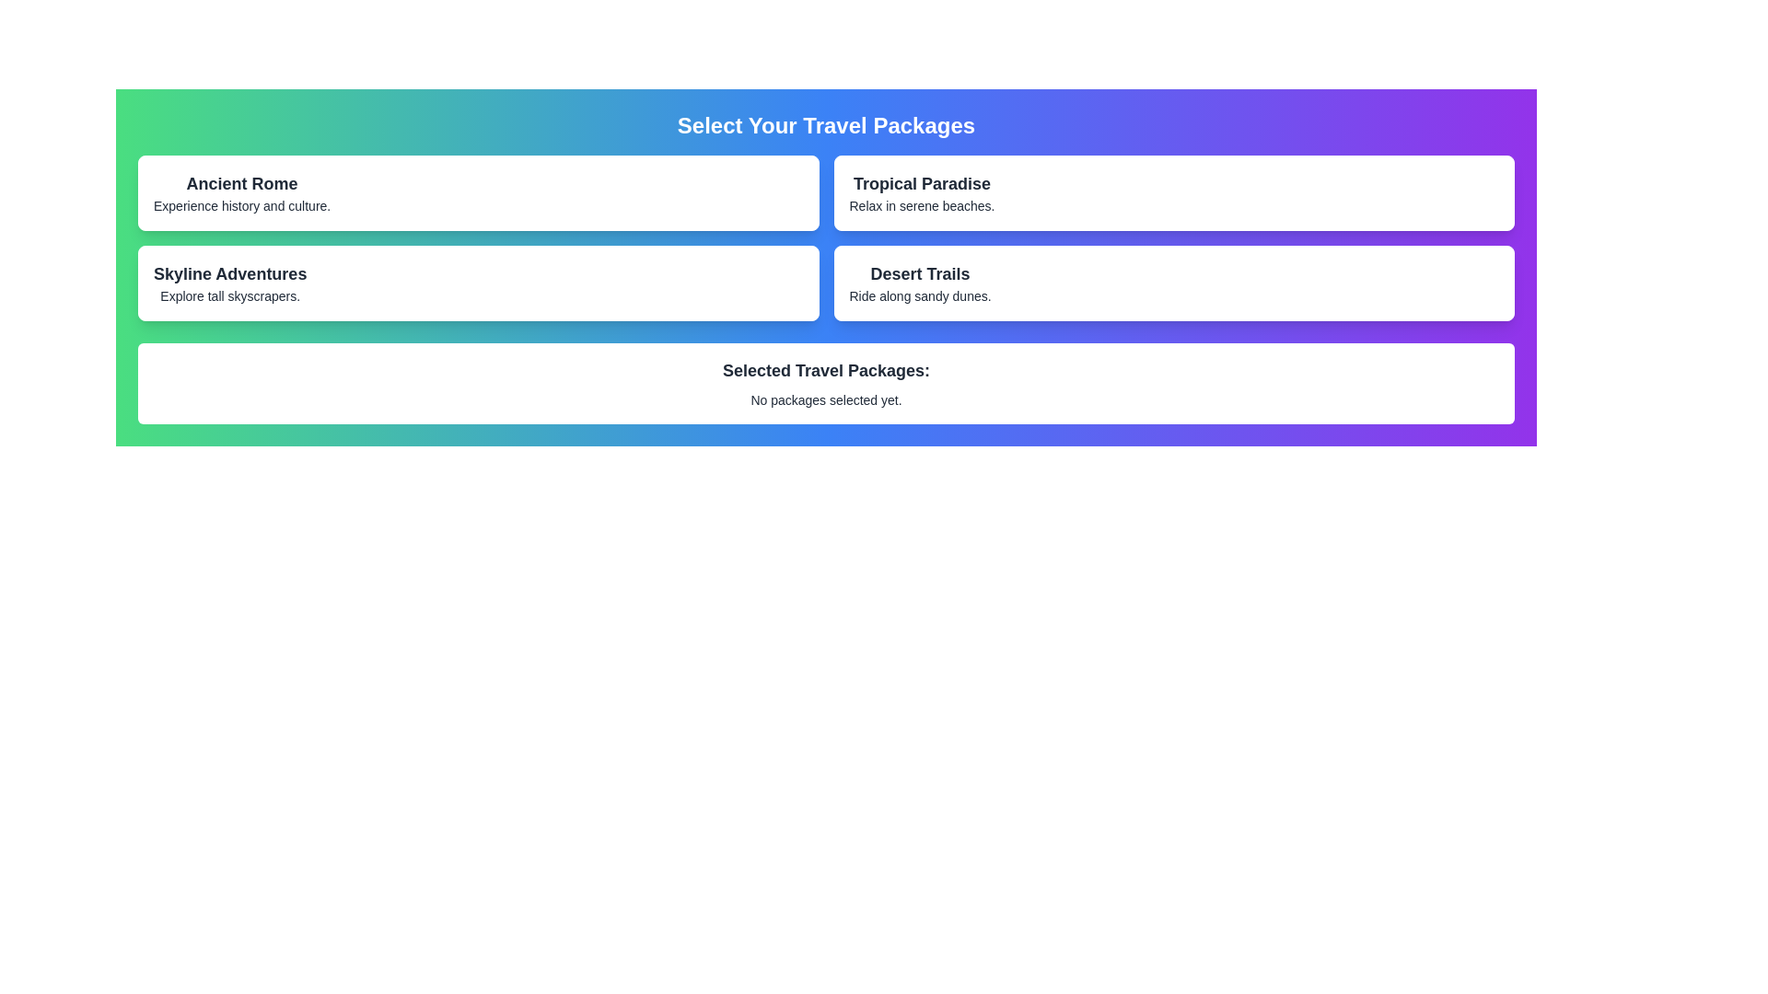 The height and width of the screenshot is (994, 1768). Describe the element at coordinates (920, 295) in the screenshot. I see `the descriptive tagline for the 'Desert Trails' travel package, located directly beneath the title text in the lower-right quadrant of the main panel` at that location.